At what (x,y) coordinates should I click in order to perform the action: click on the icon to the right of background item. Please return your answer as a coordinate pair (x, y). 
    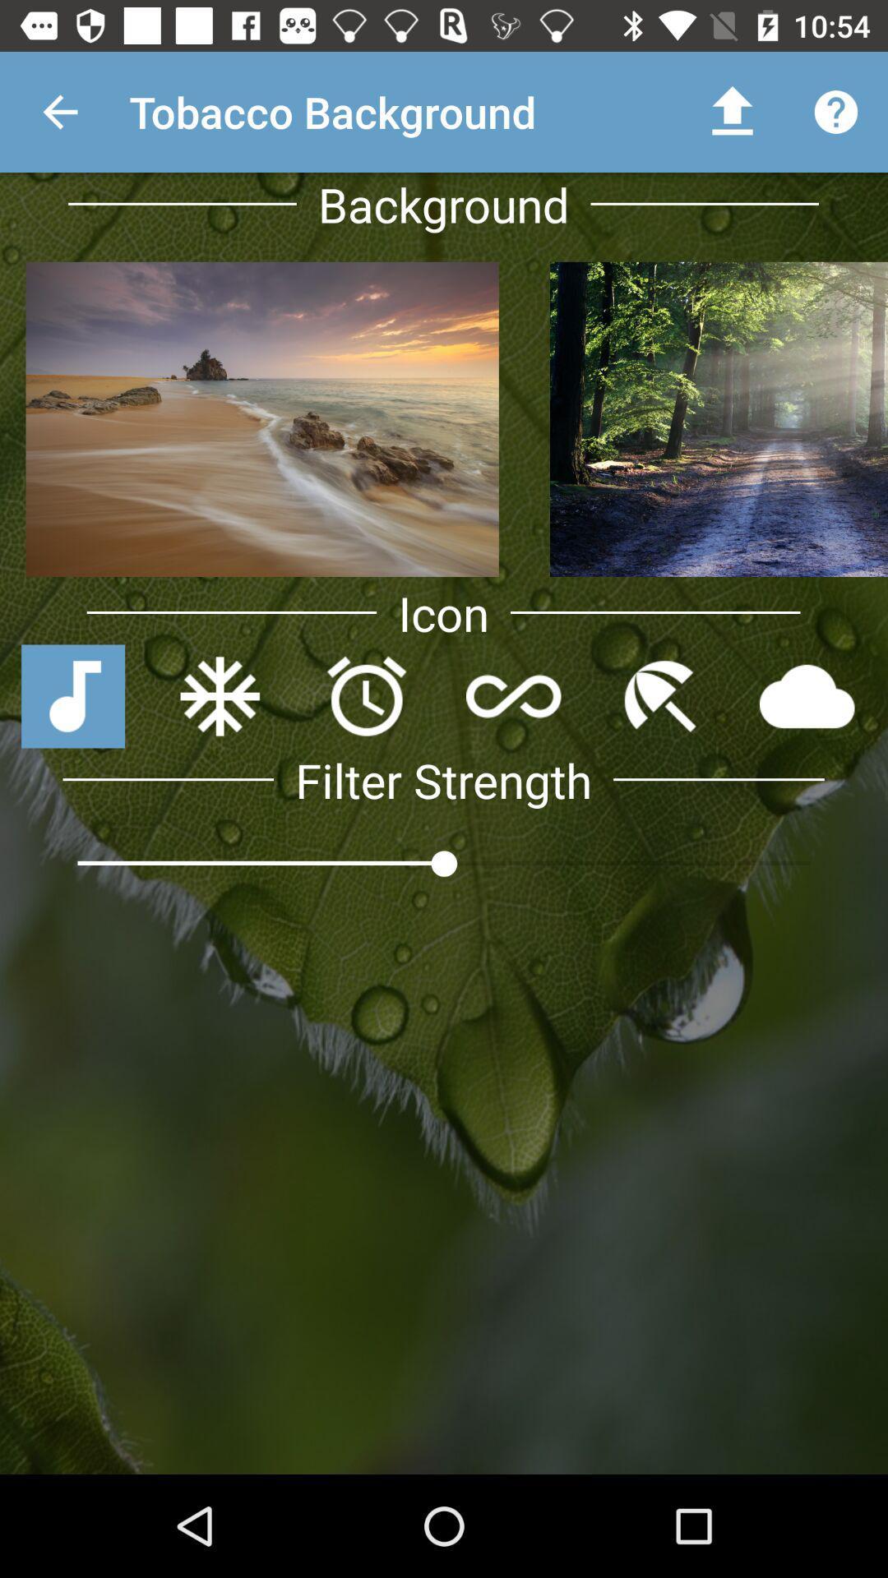
    Looking at the image, I should click on (732, 111).